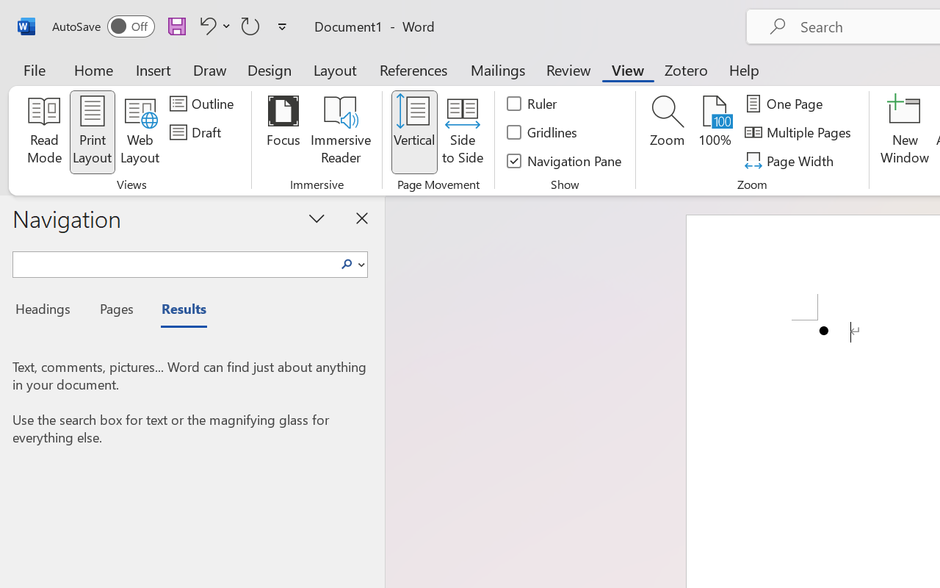 This screenshot has width=940, height=588. Describe the element at coordinates (542, 132) in the screenshot. I see `'Gridlines'` at that location.